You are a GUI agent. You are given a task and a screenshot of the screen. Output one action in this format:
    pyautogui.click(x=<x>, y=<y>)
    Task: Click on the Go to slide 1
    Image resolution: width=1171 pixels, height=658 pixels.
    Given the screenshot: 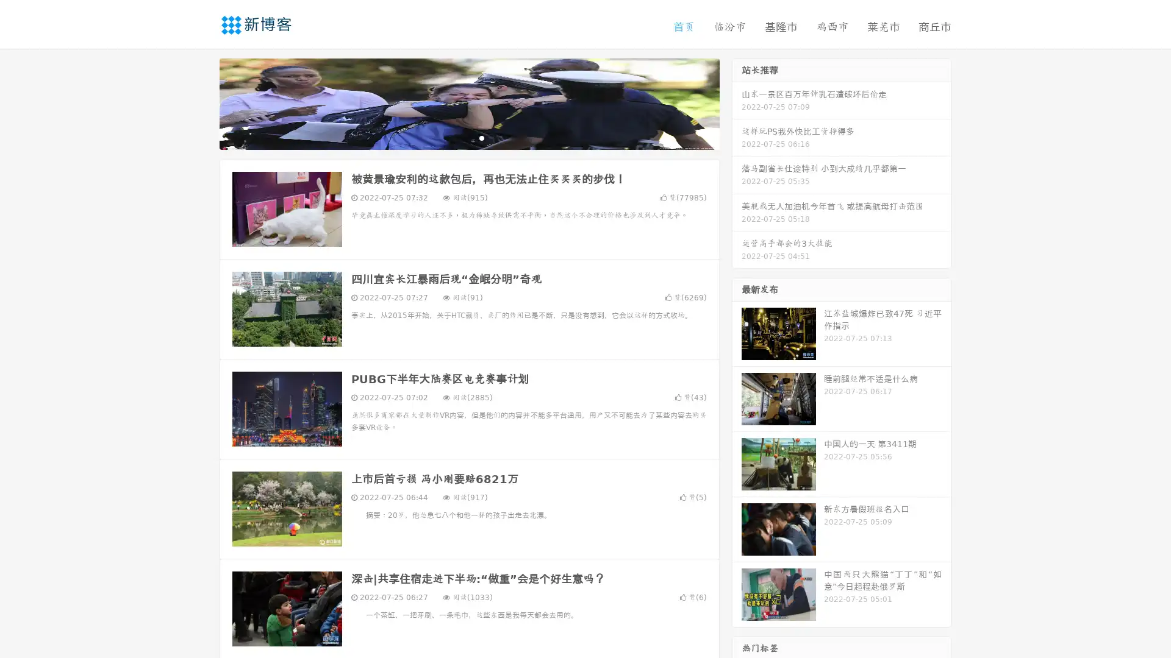 What is the action you would take?
    pyautogui.click(x=456, y=137)
    